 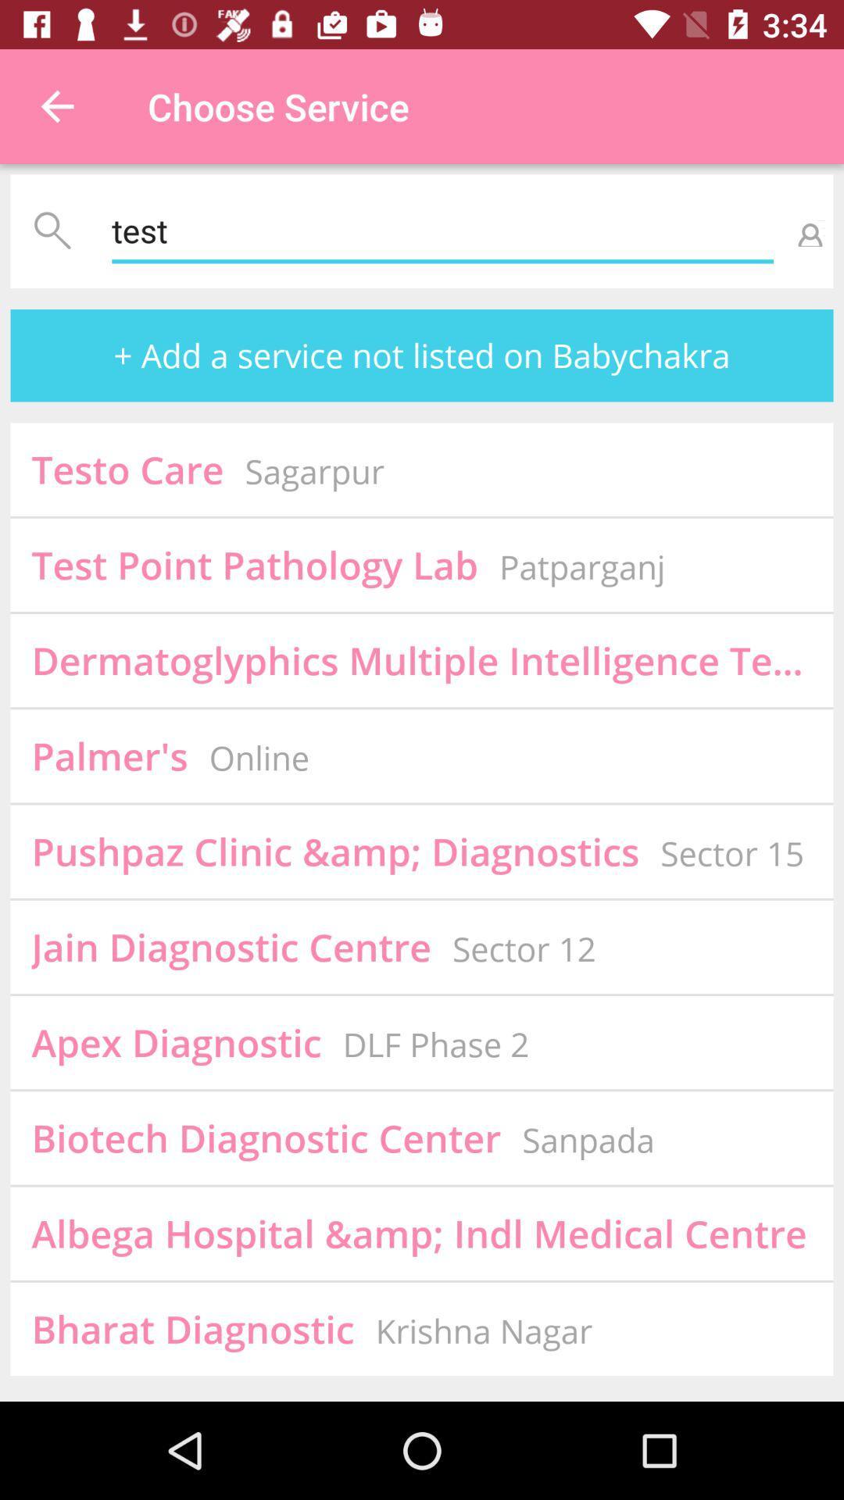 I want to click on the item above sanpada icon, so click(x=732, y=852).